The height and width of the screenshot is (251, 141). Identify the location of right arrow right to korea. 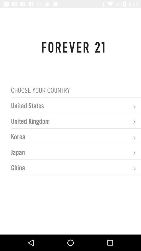
(134, 137).